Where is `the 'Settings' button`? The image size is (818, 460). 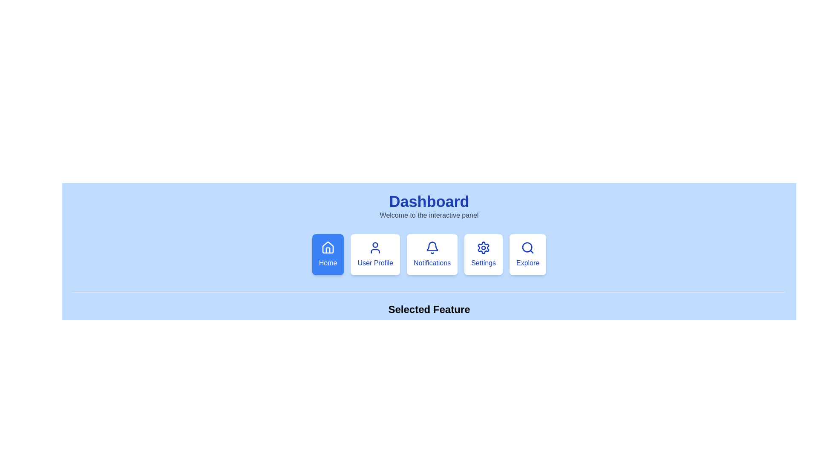 the 'Settings' button is located at coordinates (484, 254).